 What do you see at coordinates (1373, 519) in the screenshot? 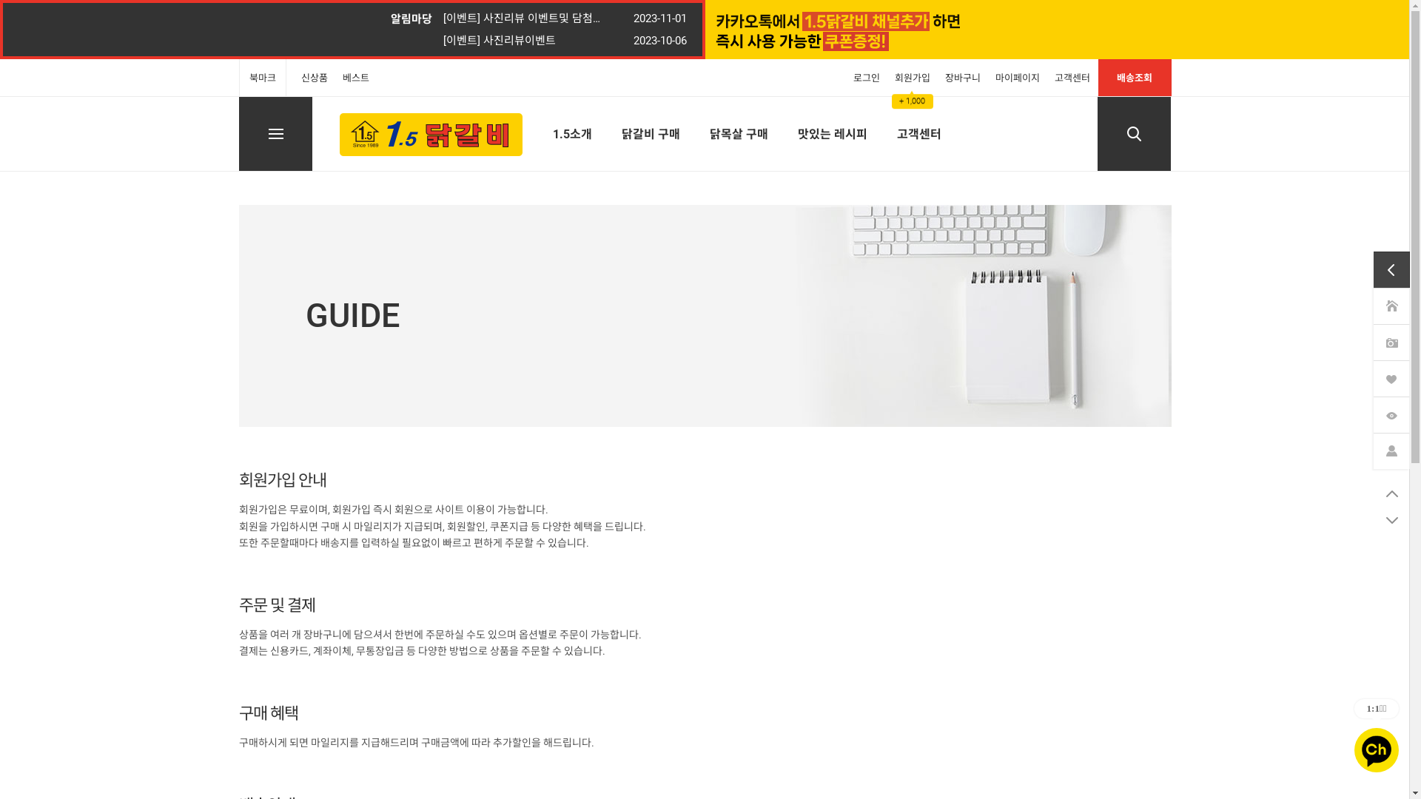
I see `'to Bottom'` at bounding box center [1373, 519].